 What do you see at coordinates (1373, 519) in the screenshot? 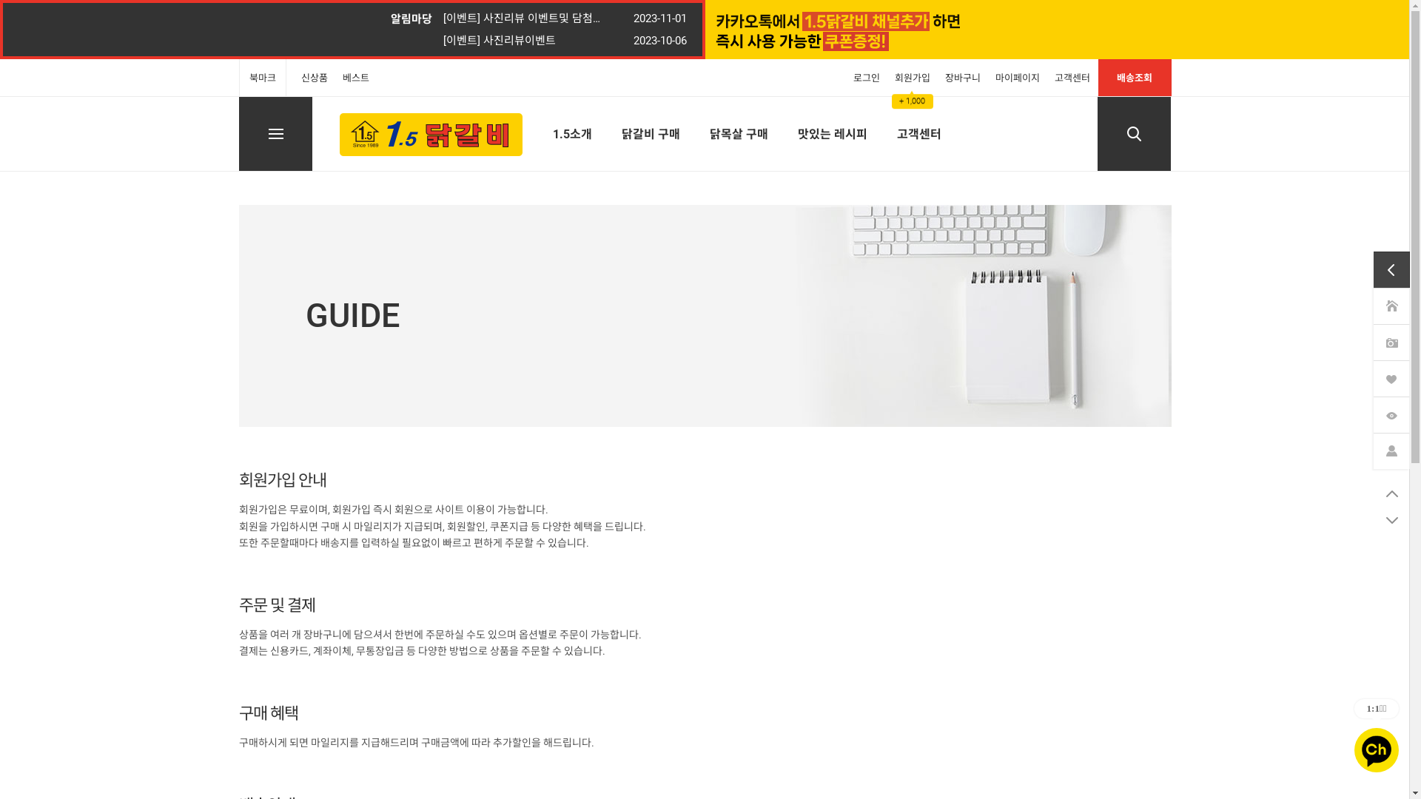
I see `'to Bottom'` at bounding box center [1373, 519].